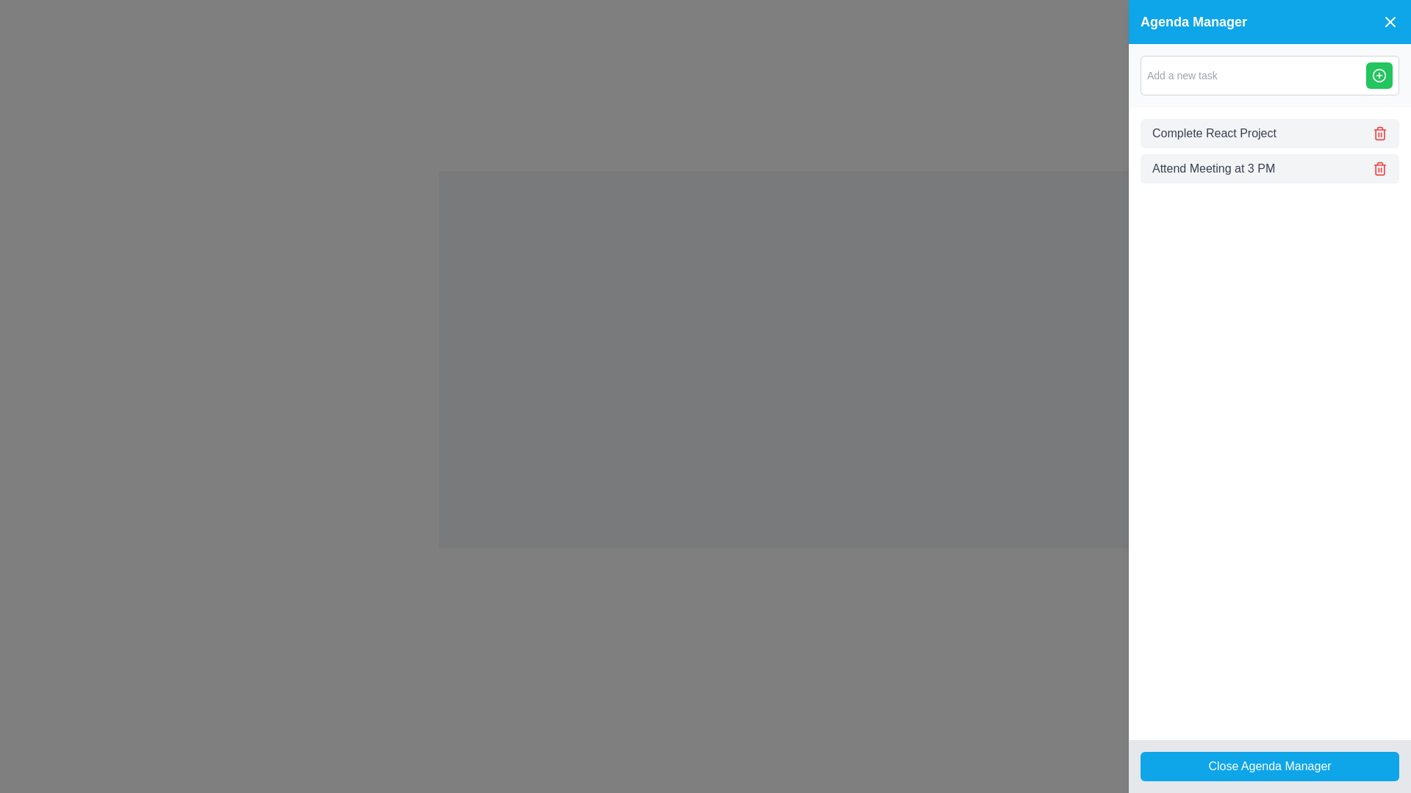 This screenshot has width=1411, height=793. Describe the element at coordinates (1193, 22) in the screenshot. I see `the 'Agenda Manager' label, which is a bold, large text label in white on a sky-blue background located at the top of the user interface panel` at that location.